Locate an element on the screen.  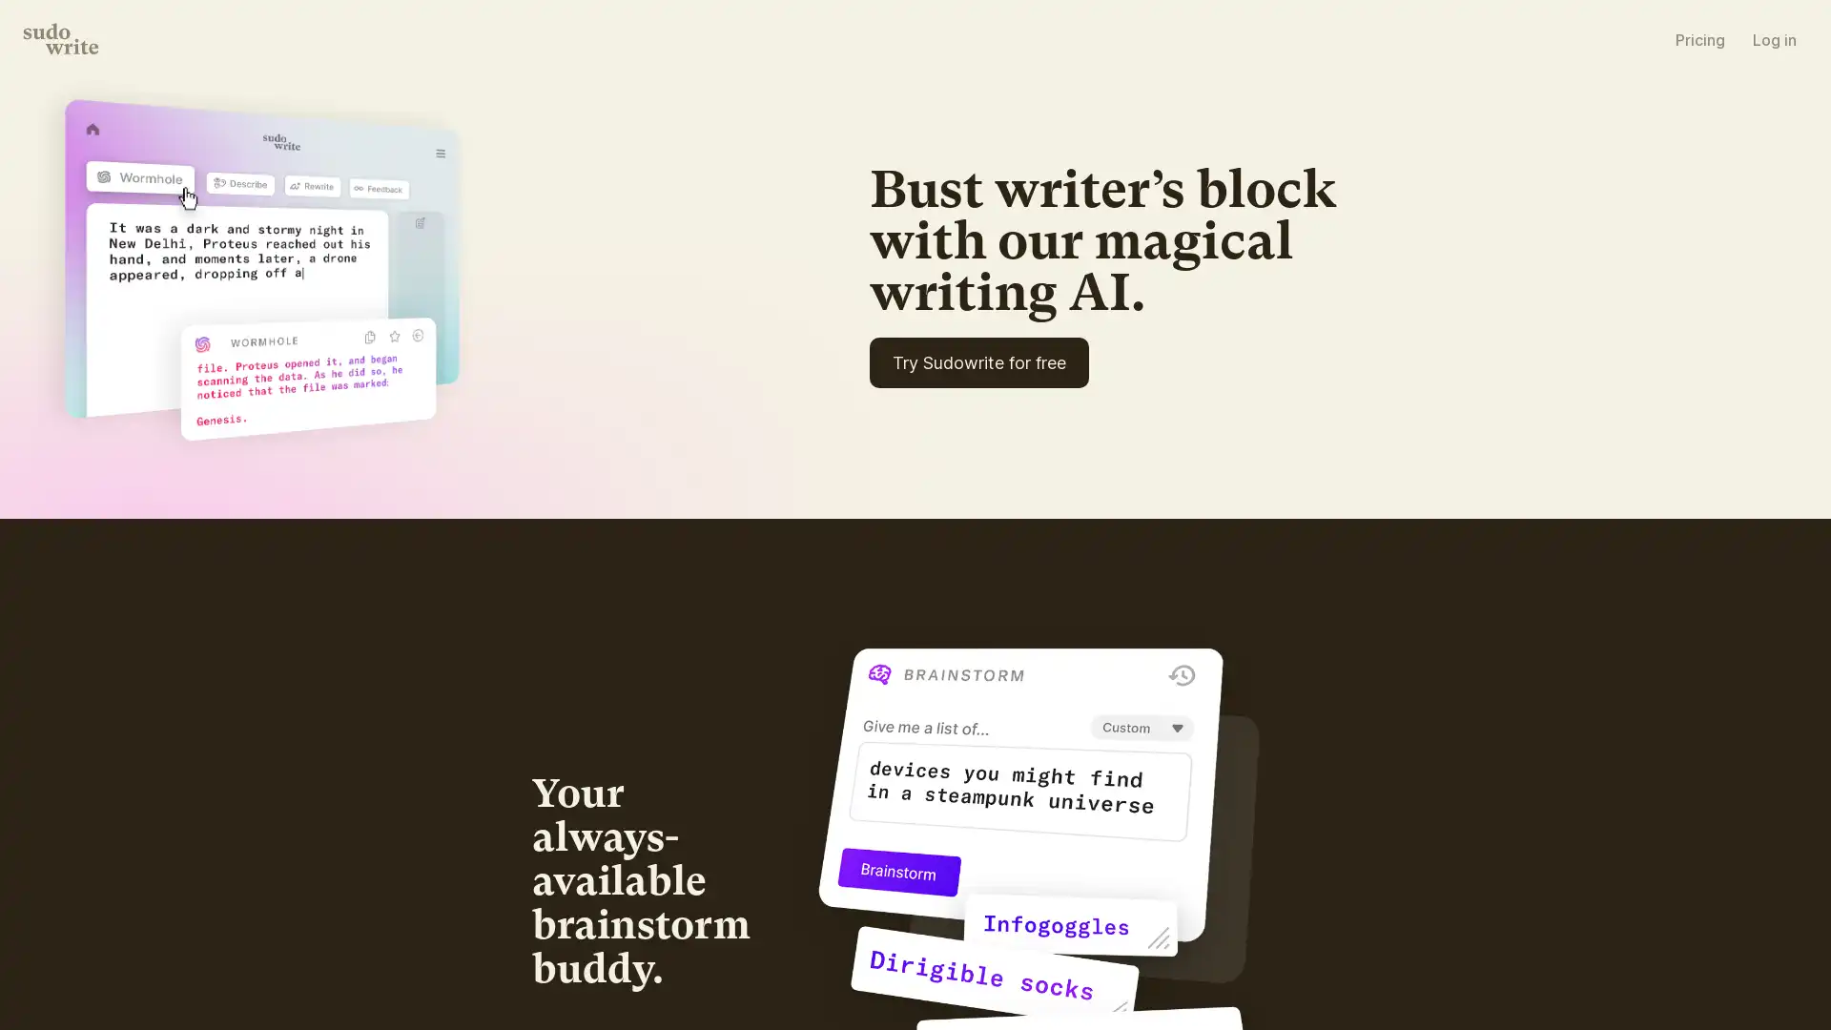
Try Sudowrite for free is located at coordinates (1185, 525).